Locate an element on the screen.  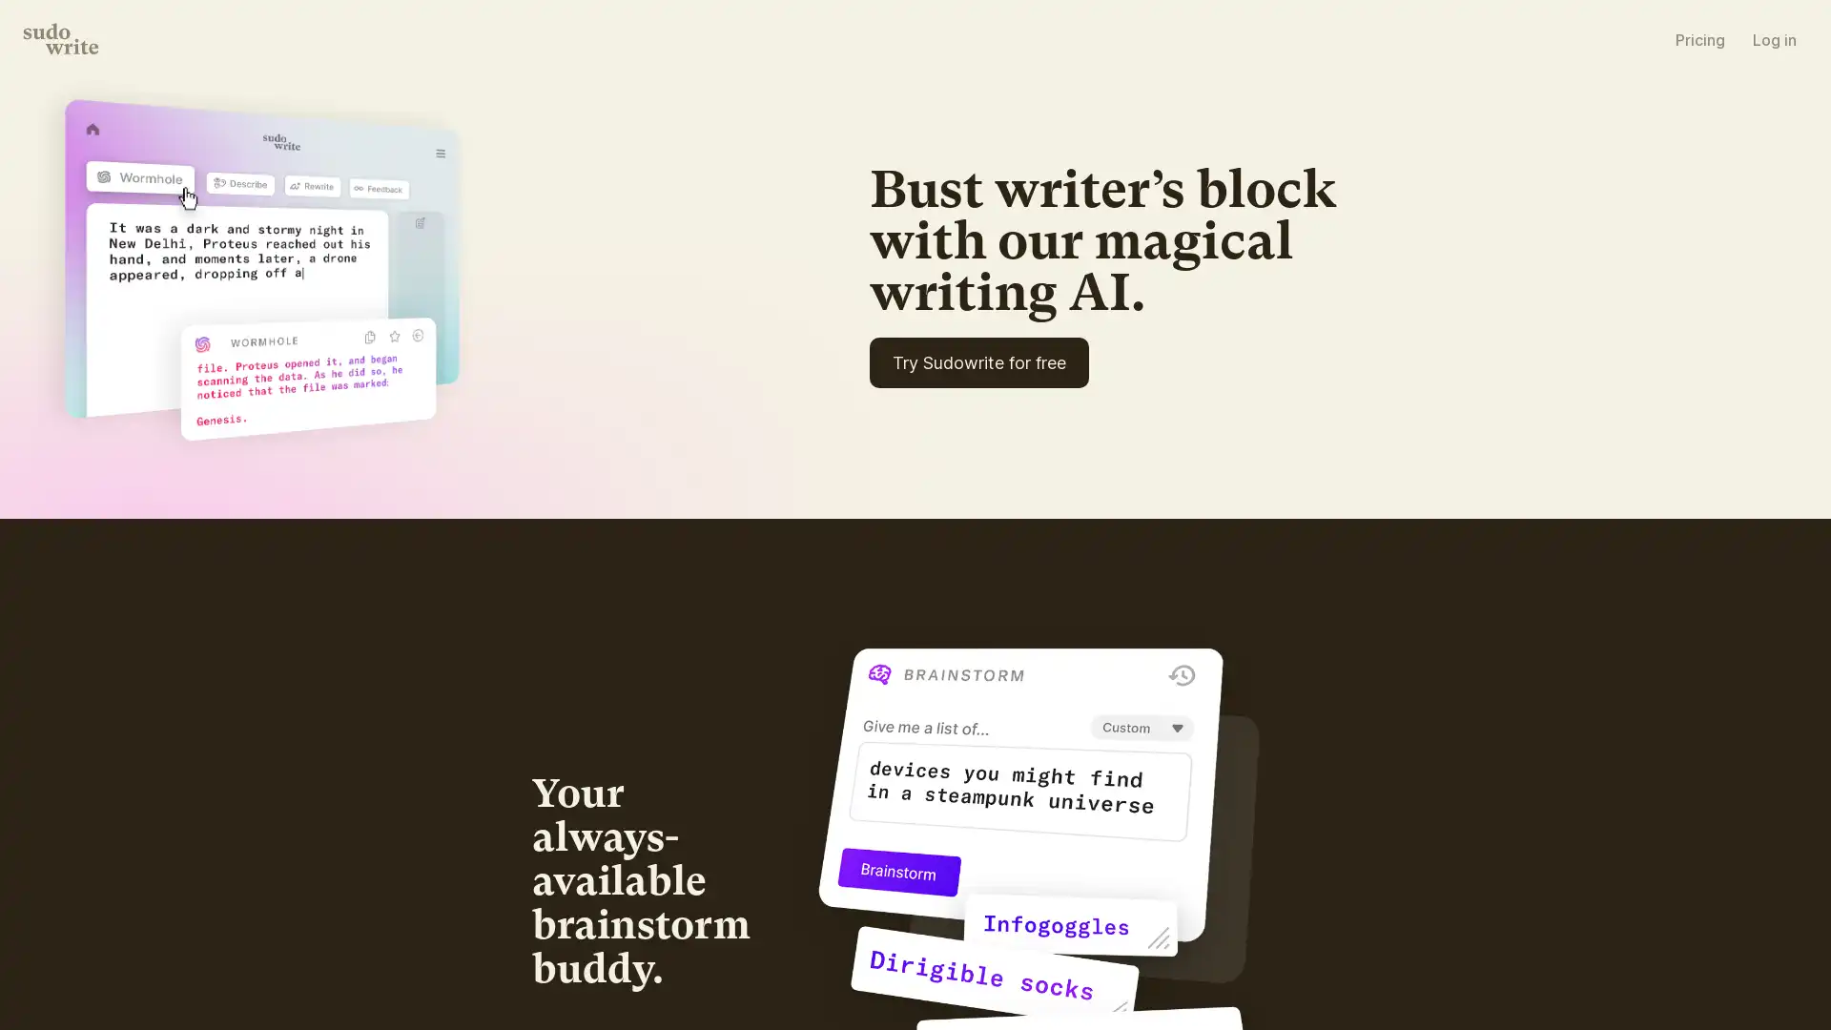
Try Sudowrite for free is located at coordinates (1185, 525).